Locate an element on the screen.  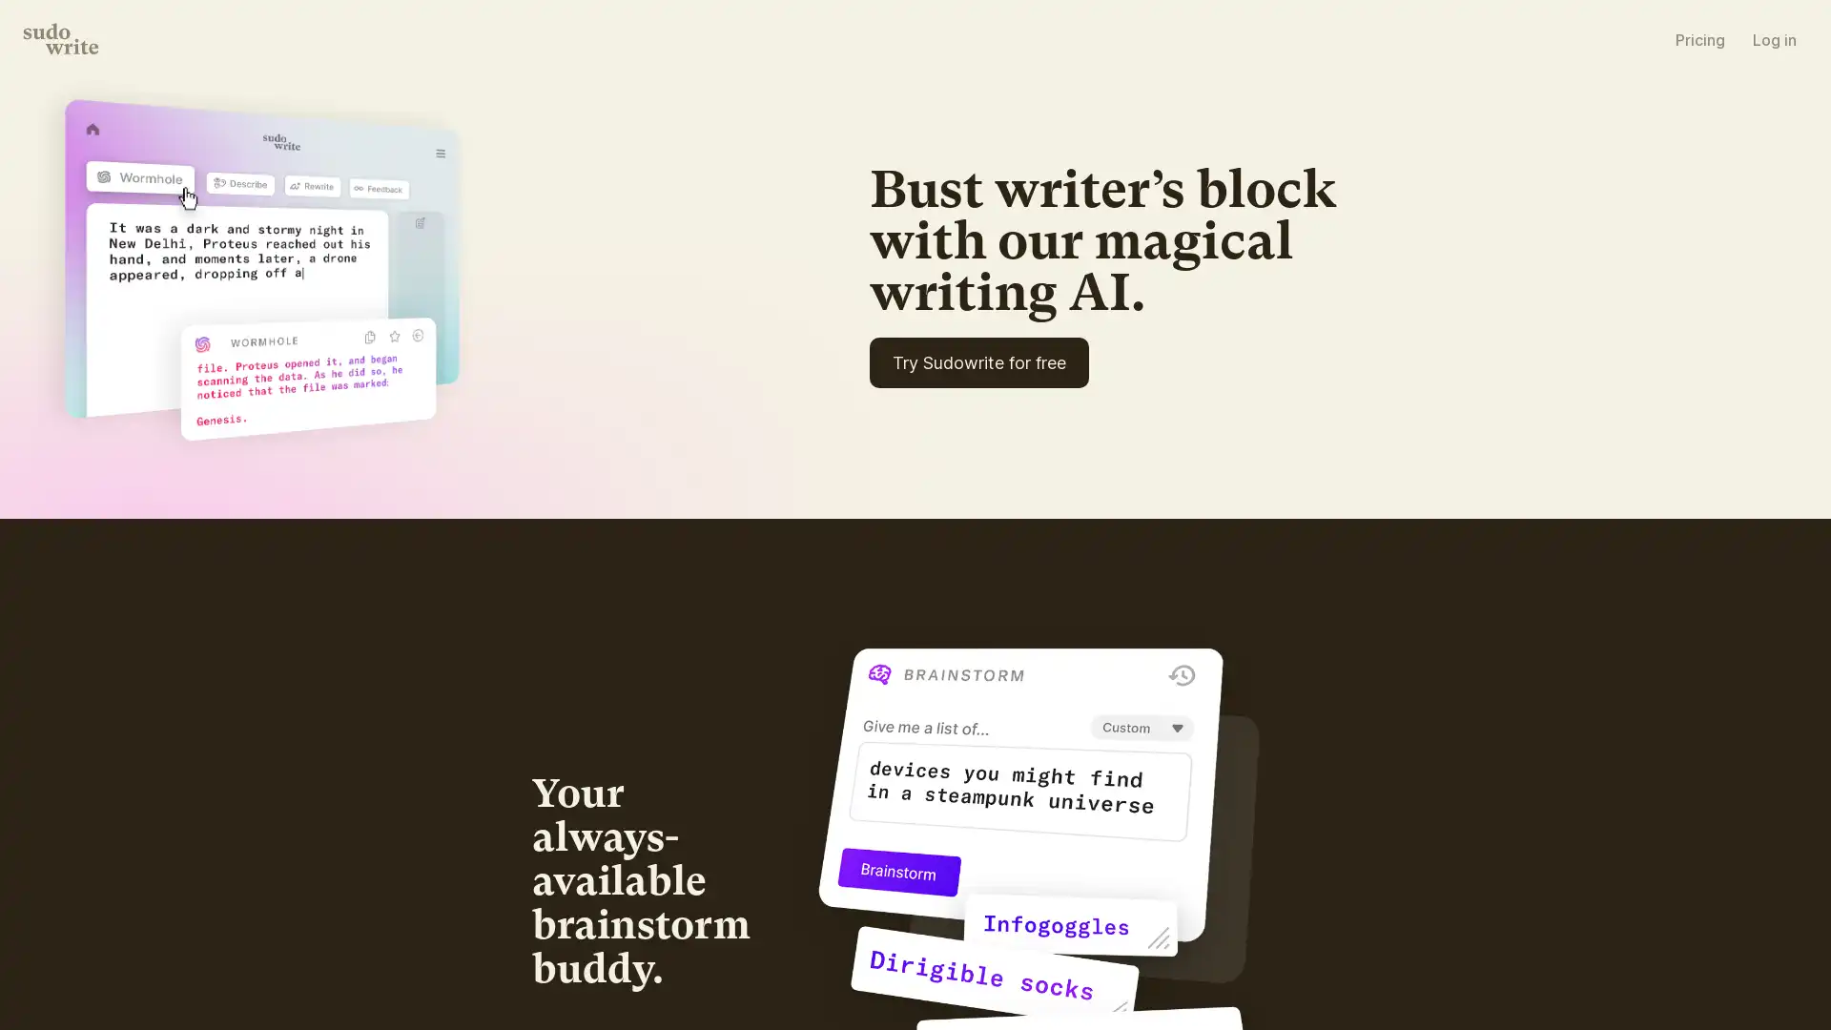
Try Sudowrite for free is located at coordinates (1185, 525).